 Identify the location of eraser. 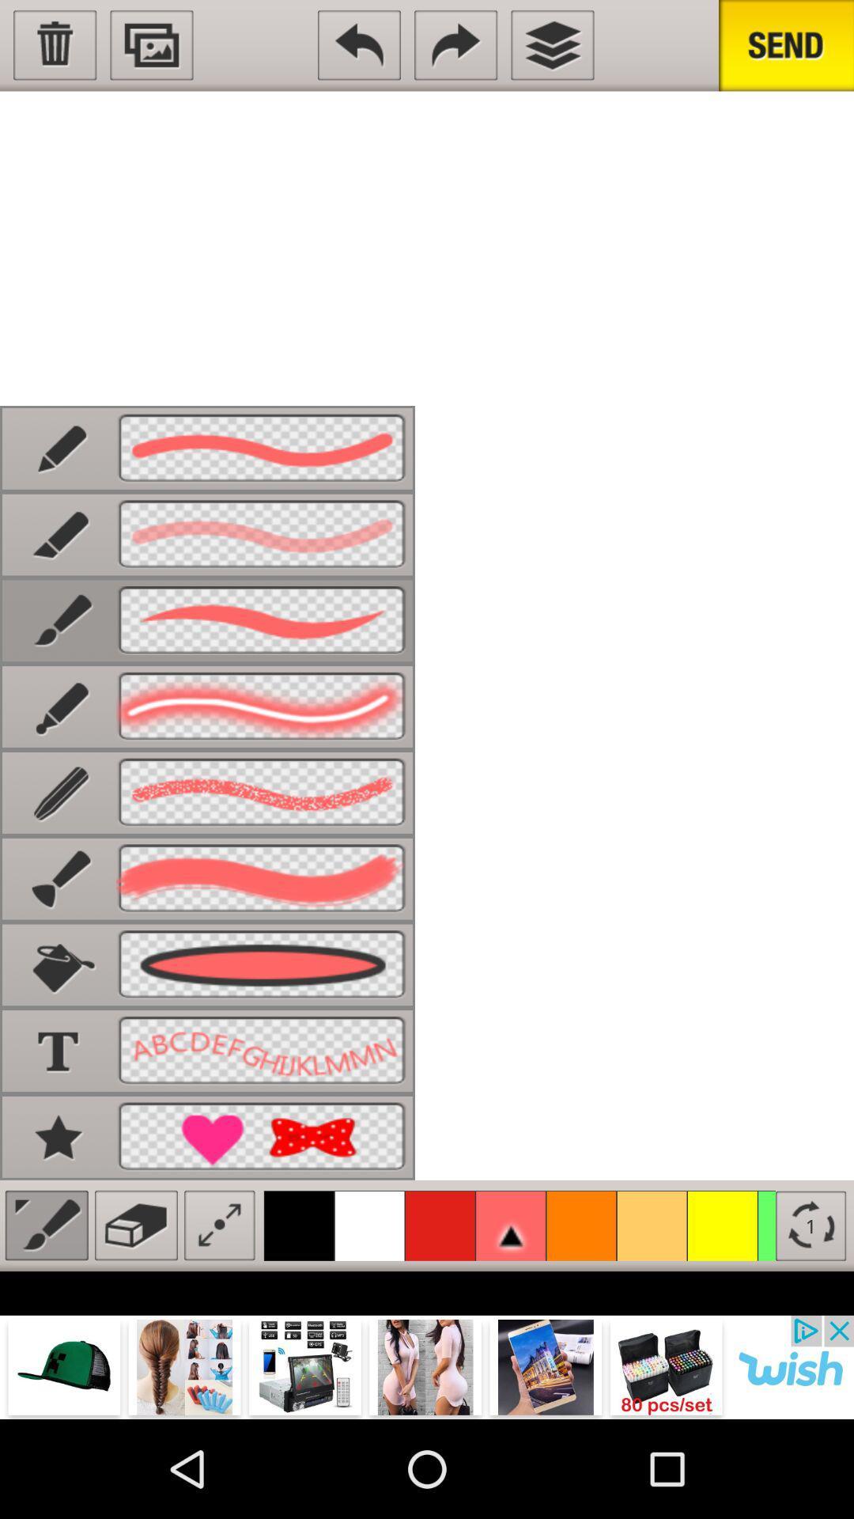
(135, 1225).